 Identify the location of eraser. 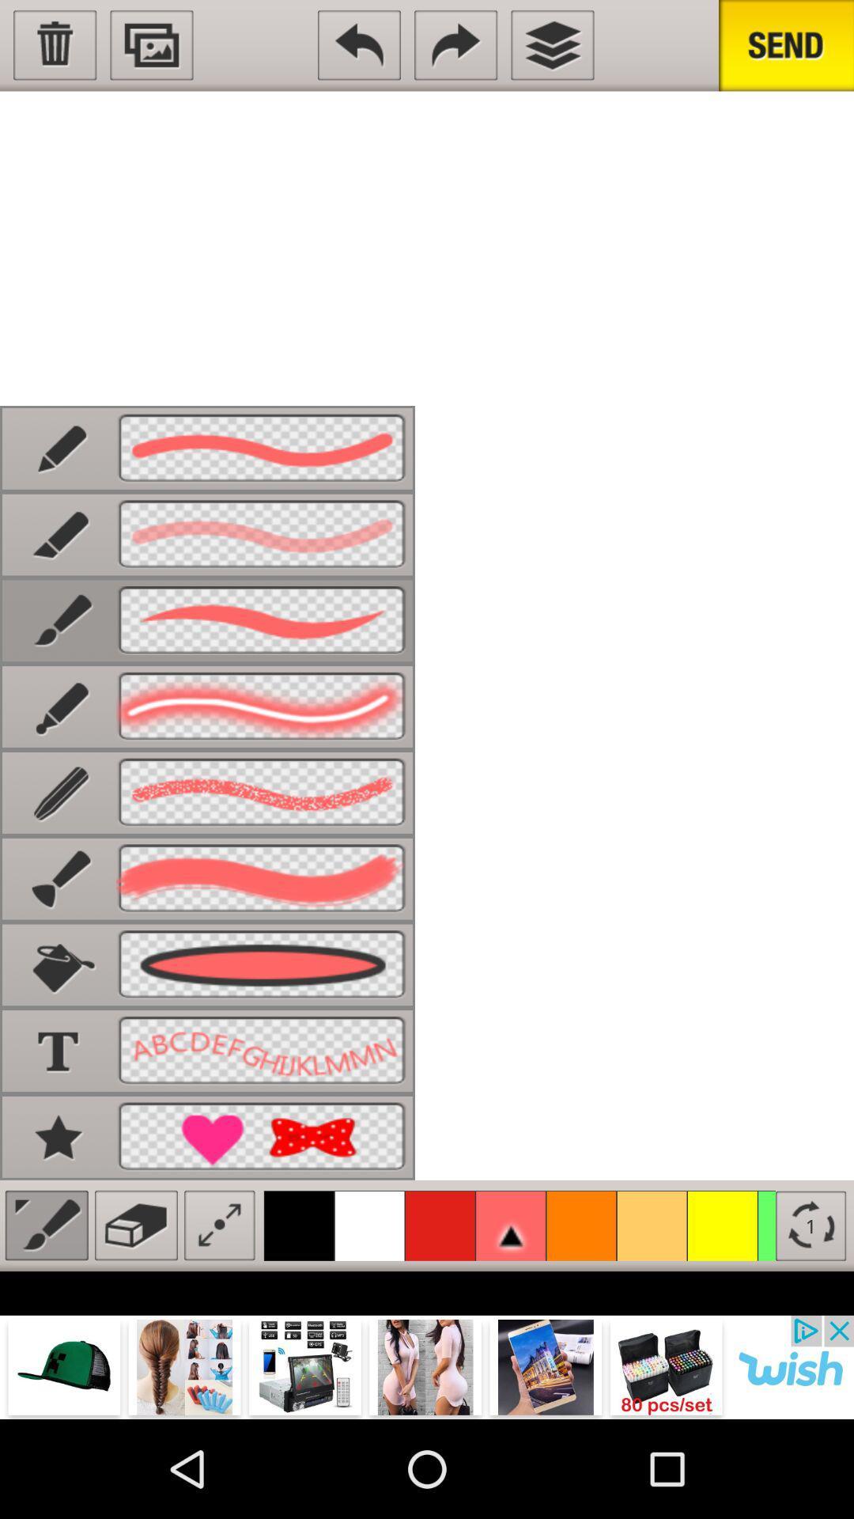
(135, 1225).